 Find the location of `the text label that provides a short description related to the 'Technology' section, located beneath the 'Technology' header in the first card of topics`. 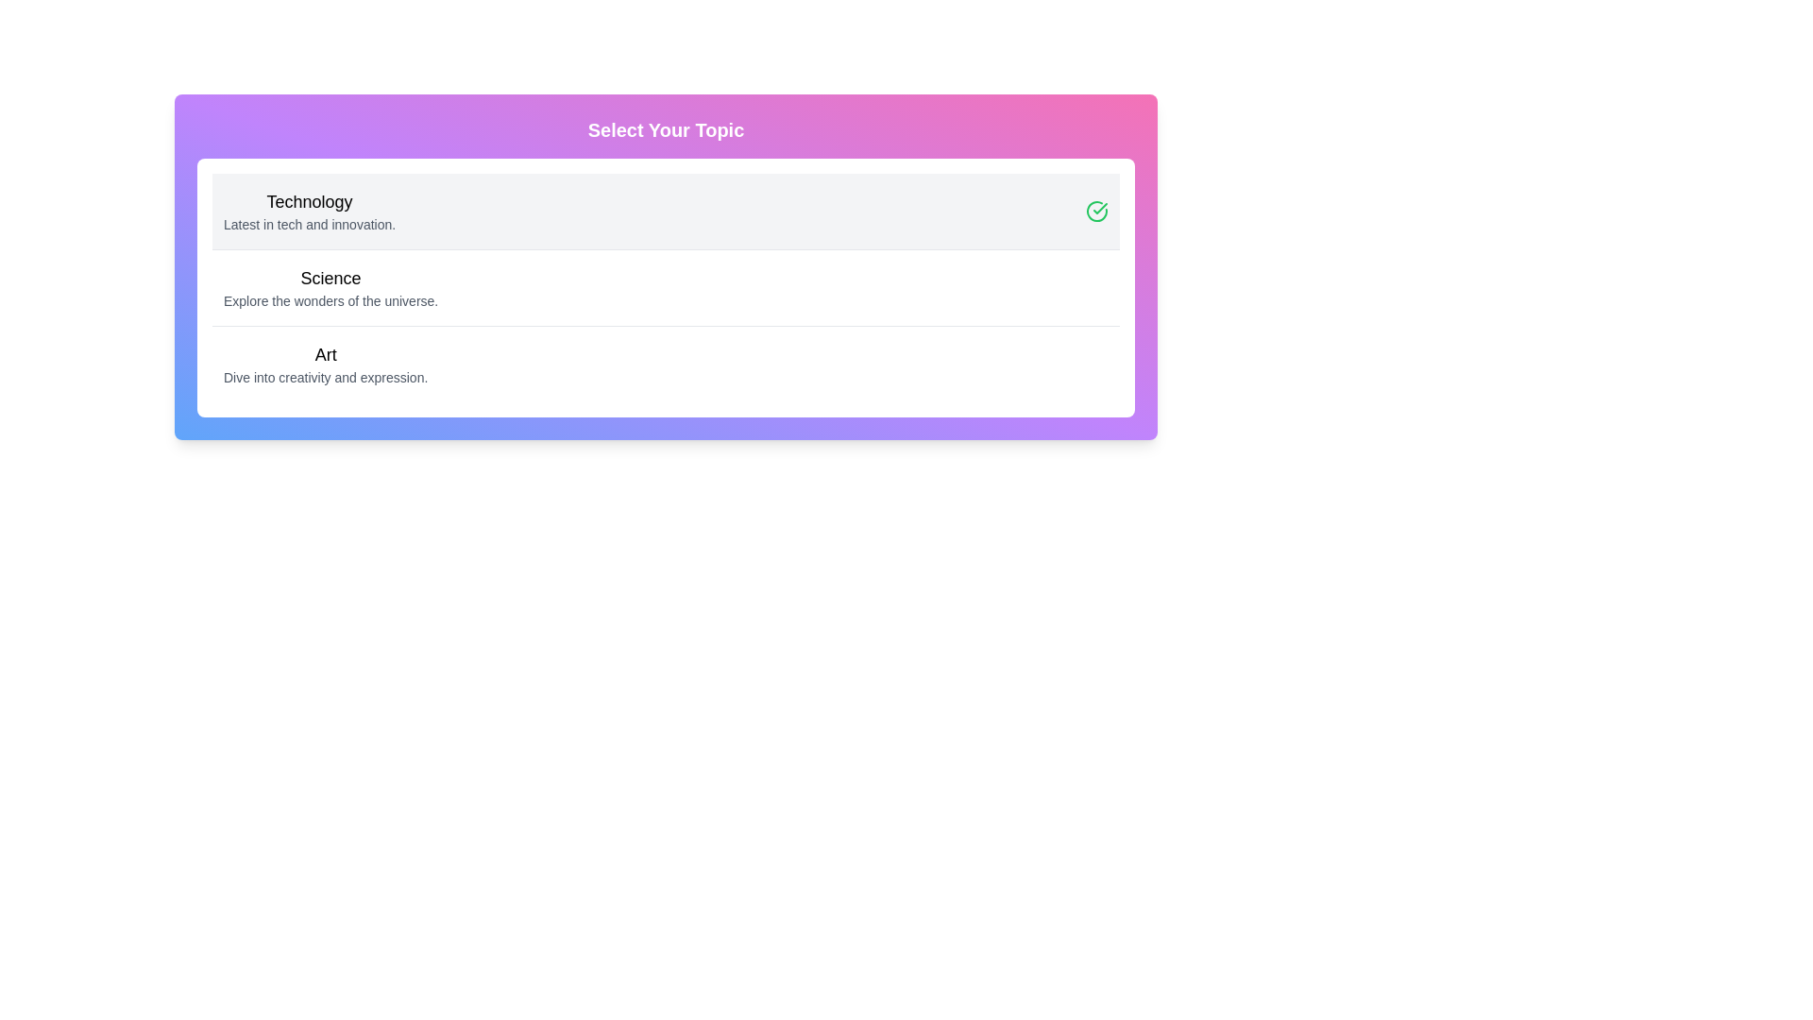

the text label that provides a short description related to the 'Technology' section, located beneath the 'Technology' header in the first card of topics is located at coordinates (310, 224).